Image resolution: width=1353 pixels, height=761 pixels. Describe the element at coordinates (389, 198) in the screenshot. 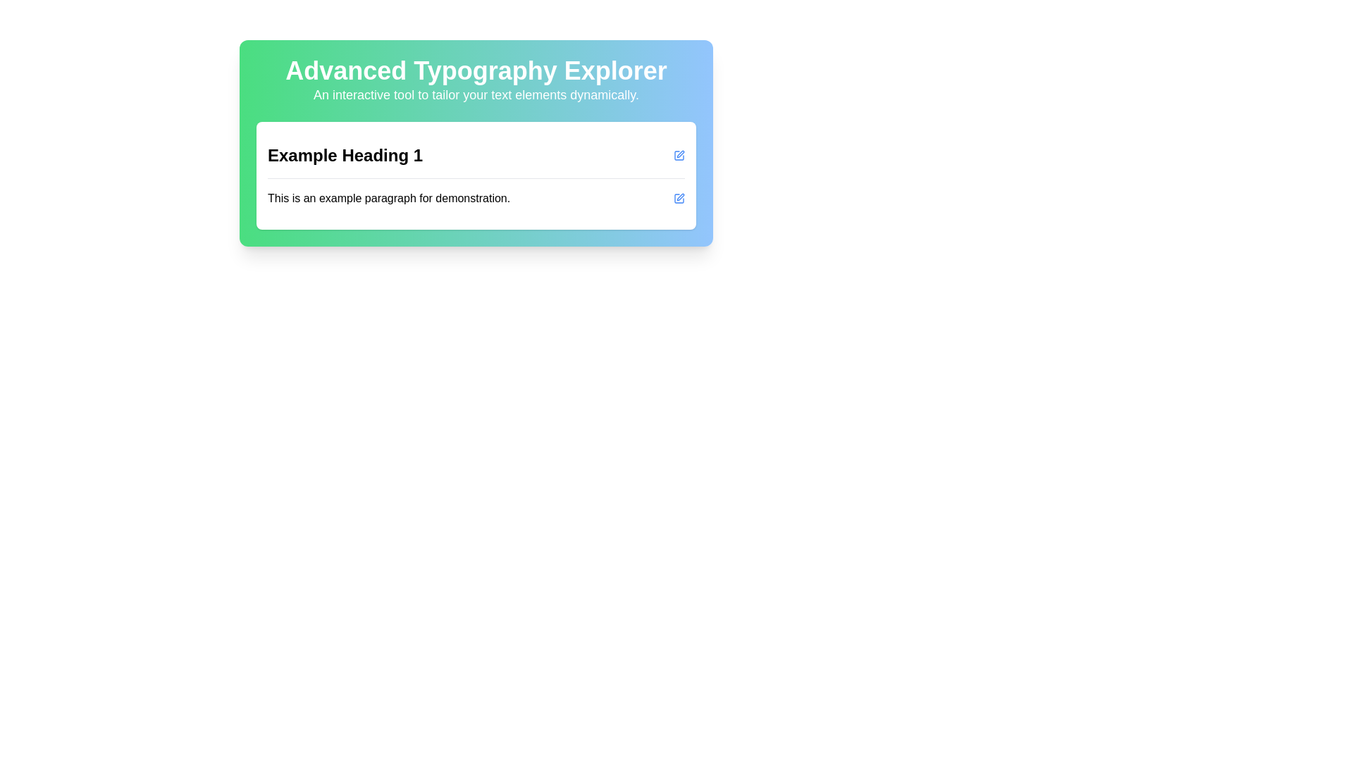

I see `the static text paragraph located under the heading 'Example Heading 1' with a green and blue gradient background, which precedes an icon on the right` at that location.